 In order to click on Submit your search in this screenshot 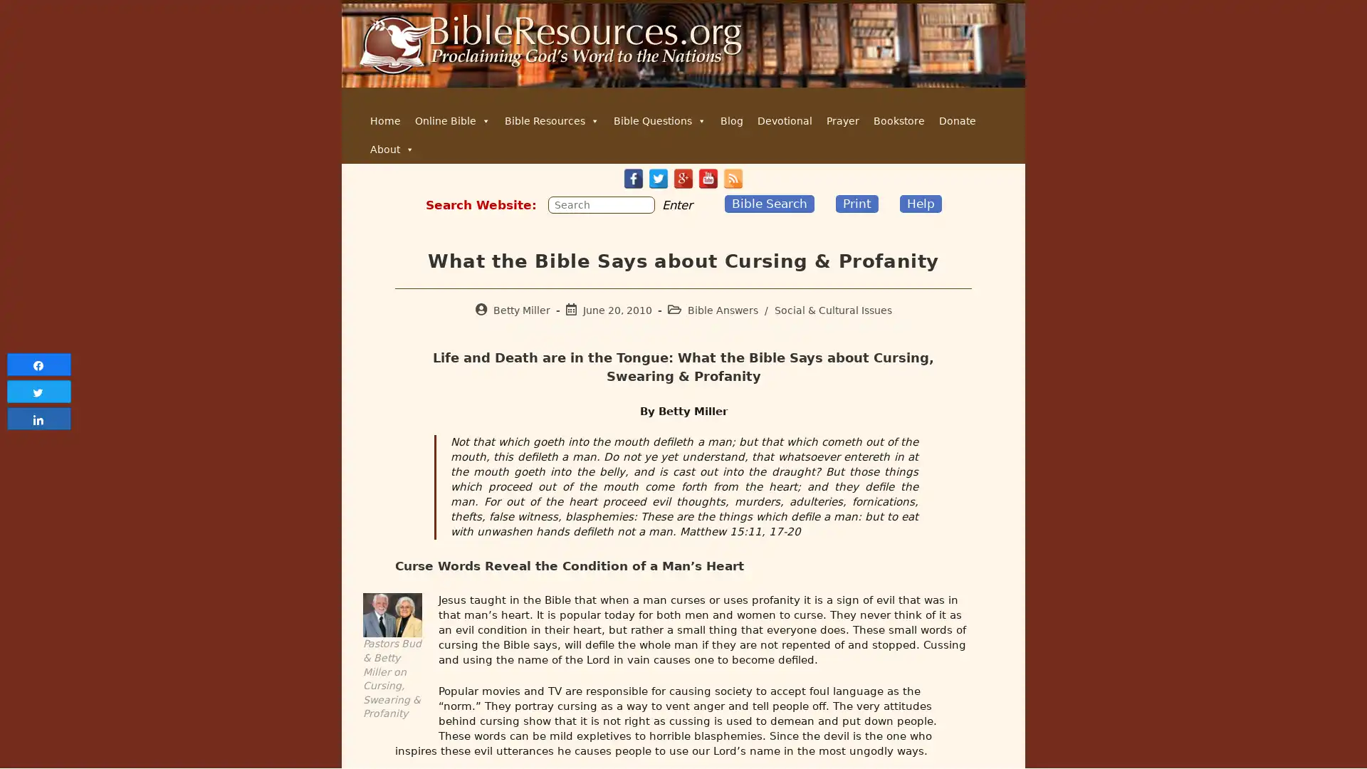, I will do `click(639, 204)`.